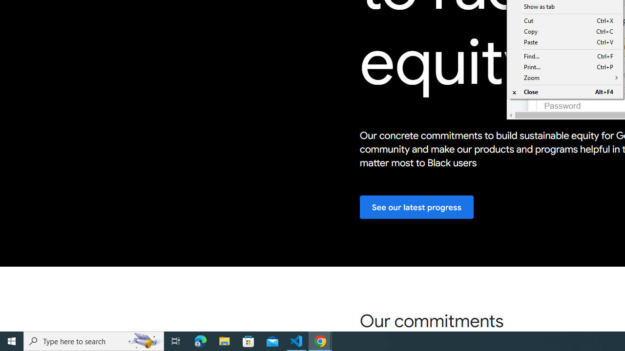 The height and width of the screenshot is (351, 625). I want to click on 'Zoom', so click(565, 78).